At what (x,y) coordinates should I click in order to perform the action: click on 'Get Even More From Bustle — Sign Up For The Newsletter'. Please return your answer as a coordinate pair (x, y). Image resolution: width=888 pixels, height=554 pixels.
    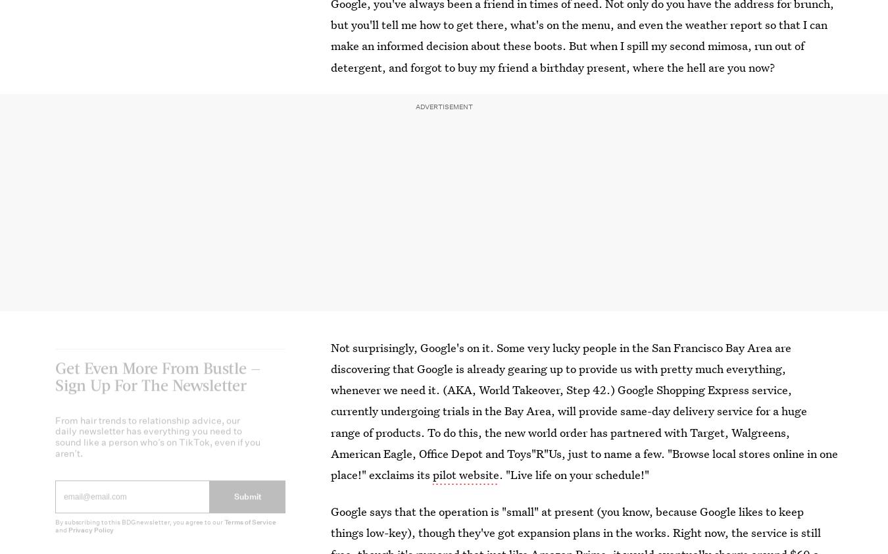
    Looking at the image, I should click on (157, 385).